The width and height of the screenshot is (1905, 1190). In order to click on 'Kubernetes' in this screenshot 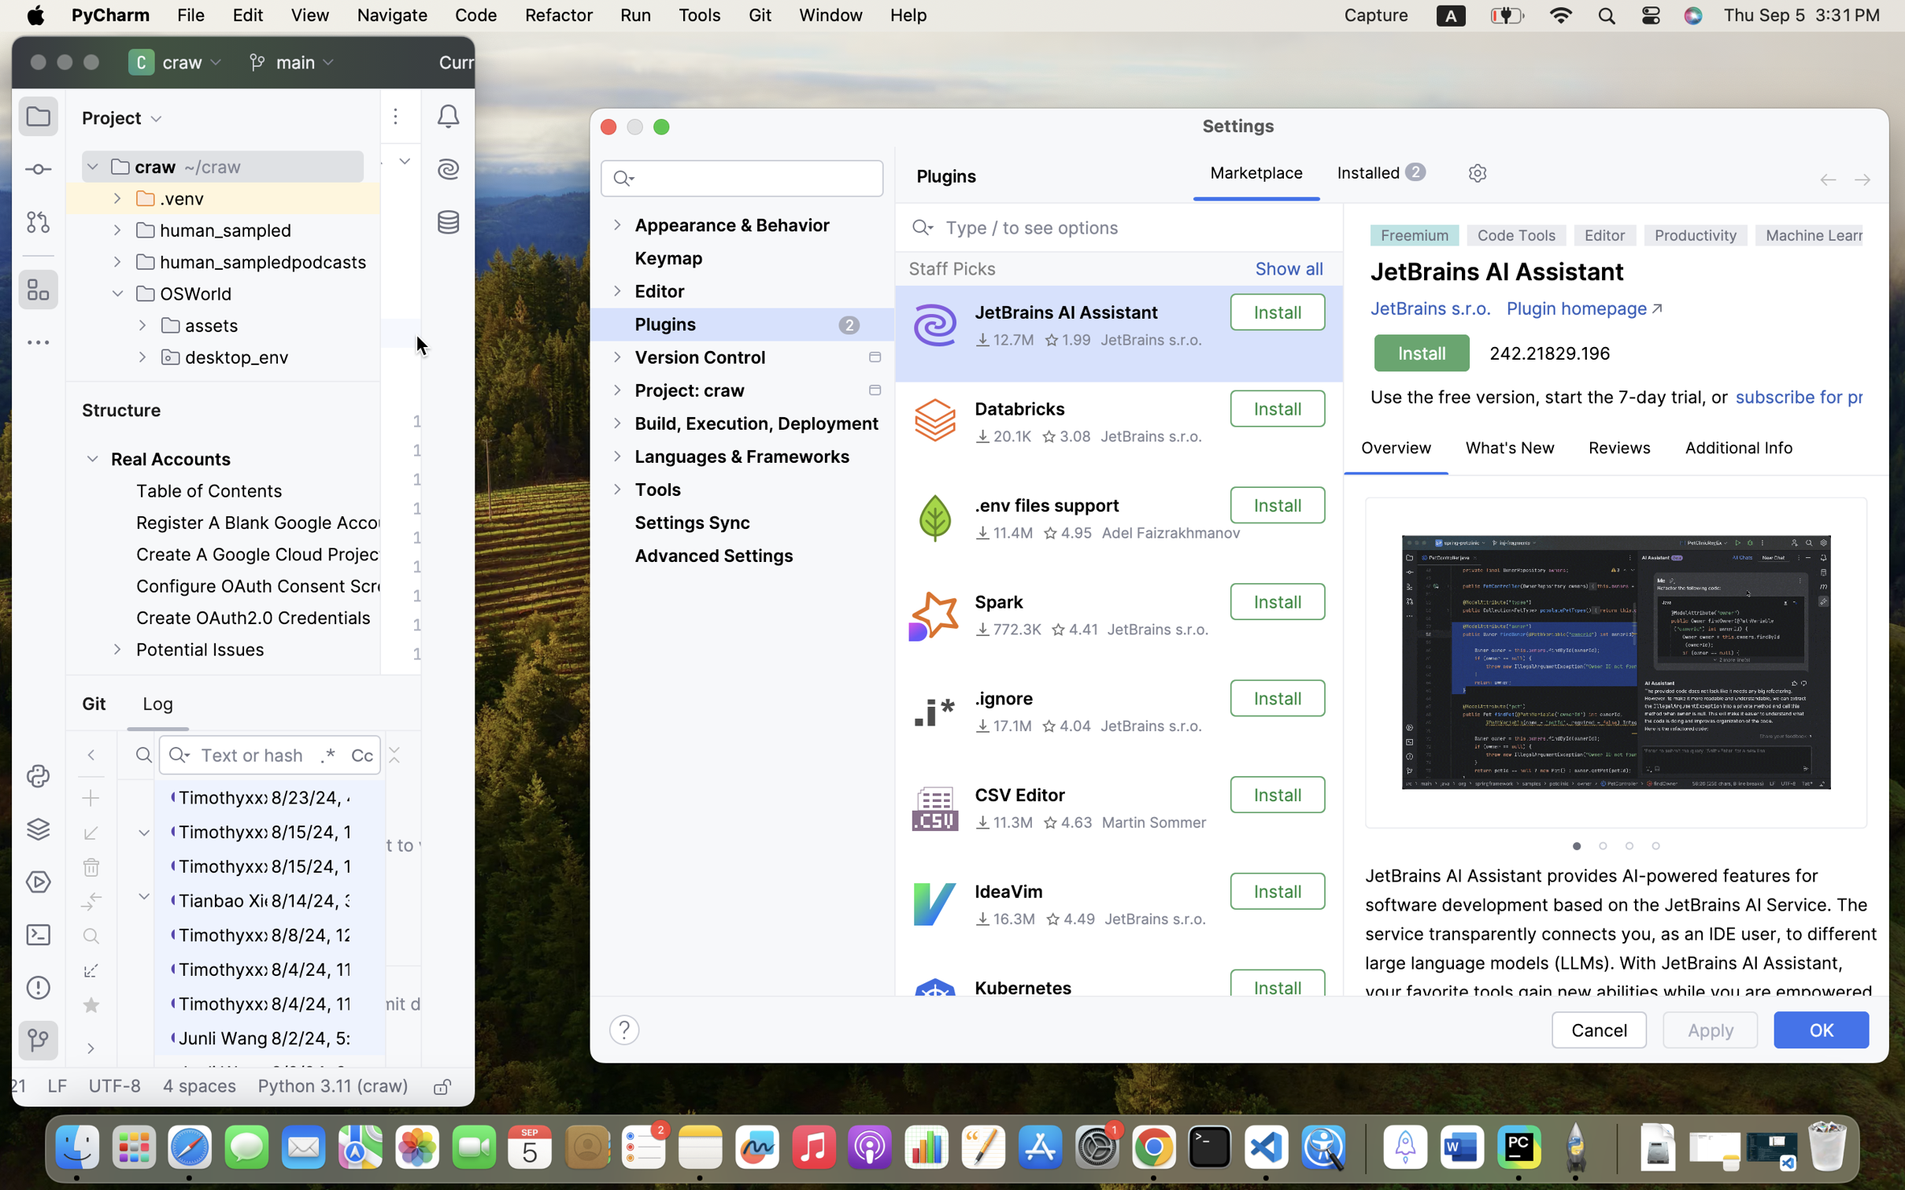, I will do `click(1023, 988)`.